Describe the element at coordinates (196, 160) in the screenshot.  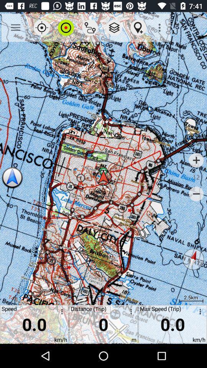
I see `the add icon` at that location.